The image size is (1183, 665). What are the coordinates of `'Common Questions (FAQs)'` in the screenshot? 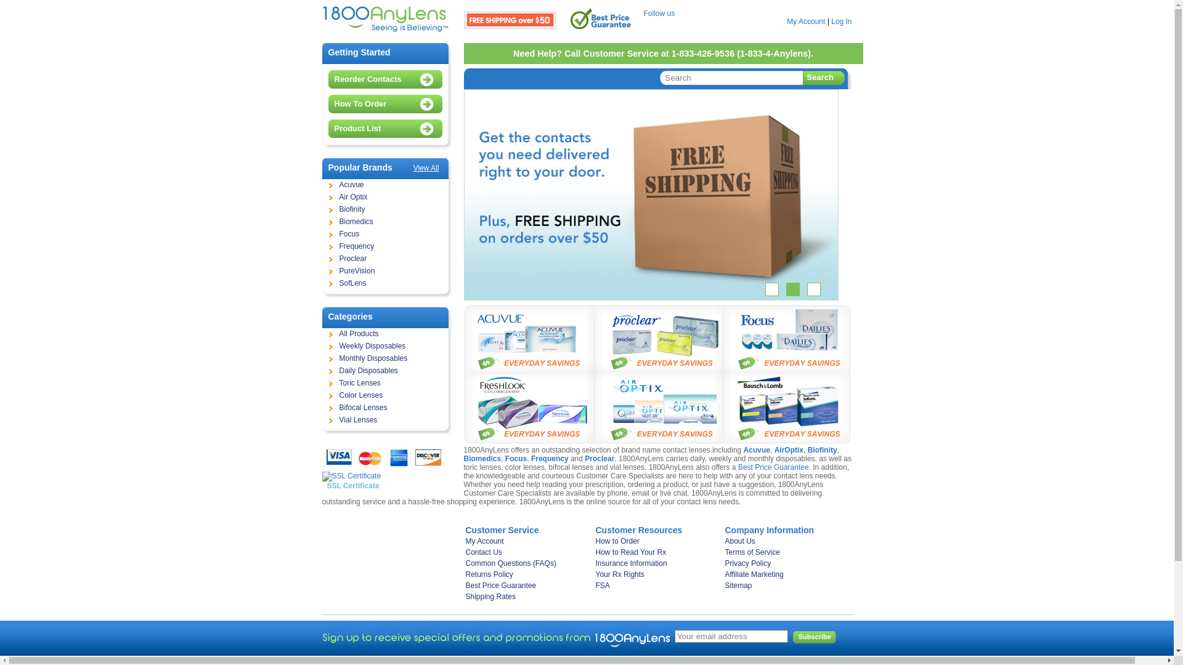 It's located at (527, 563).